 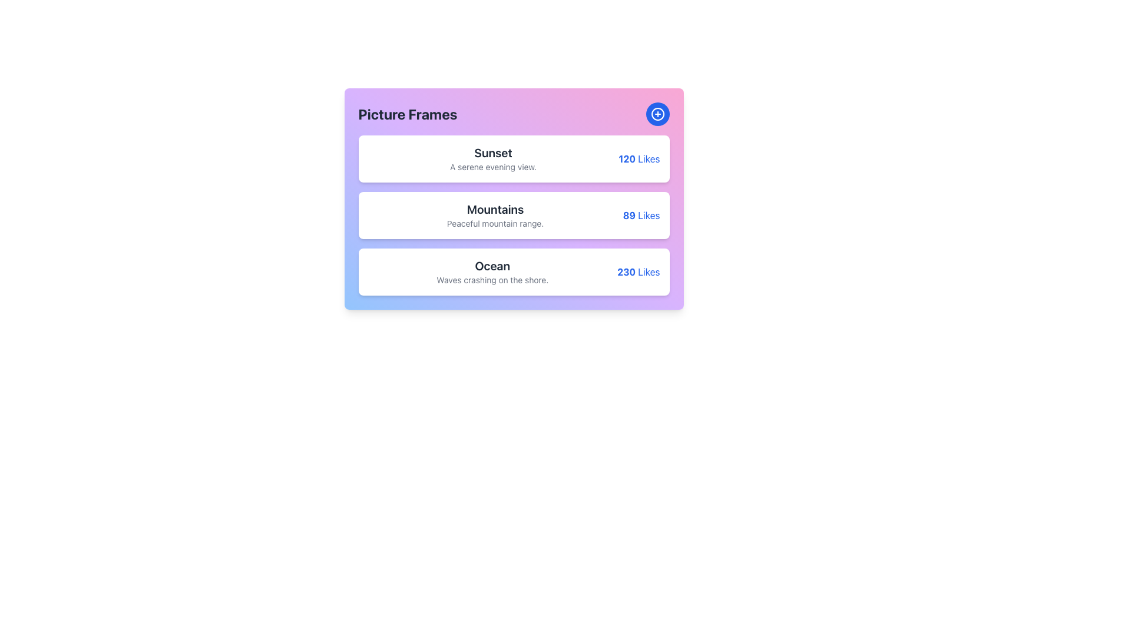 I want to click on the text label providing a description for the 'Sunset' section, located directly below the title in the UI, so click(x=493, y=167).